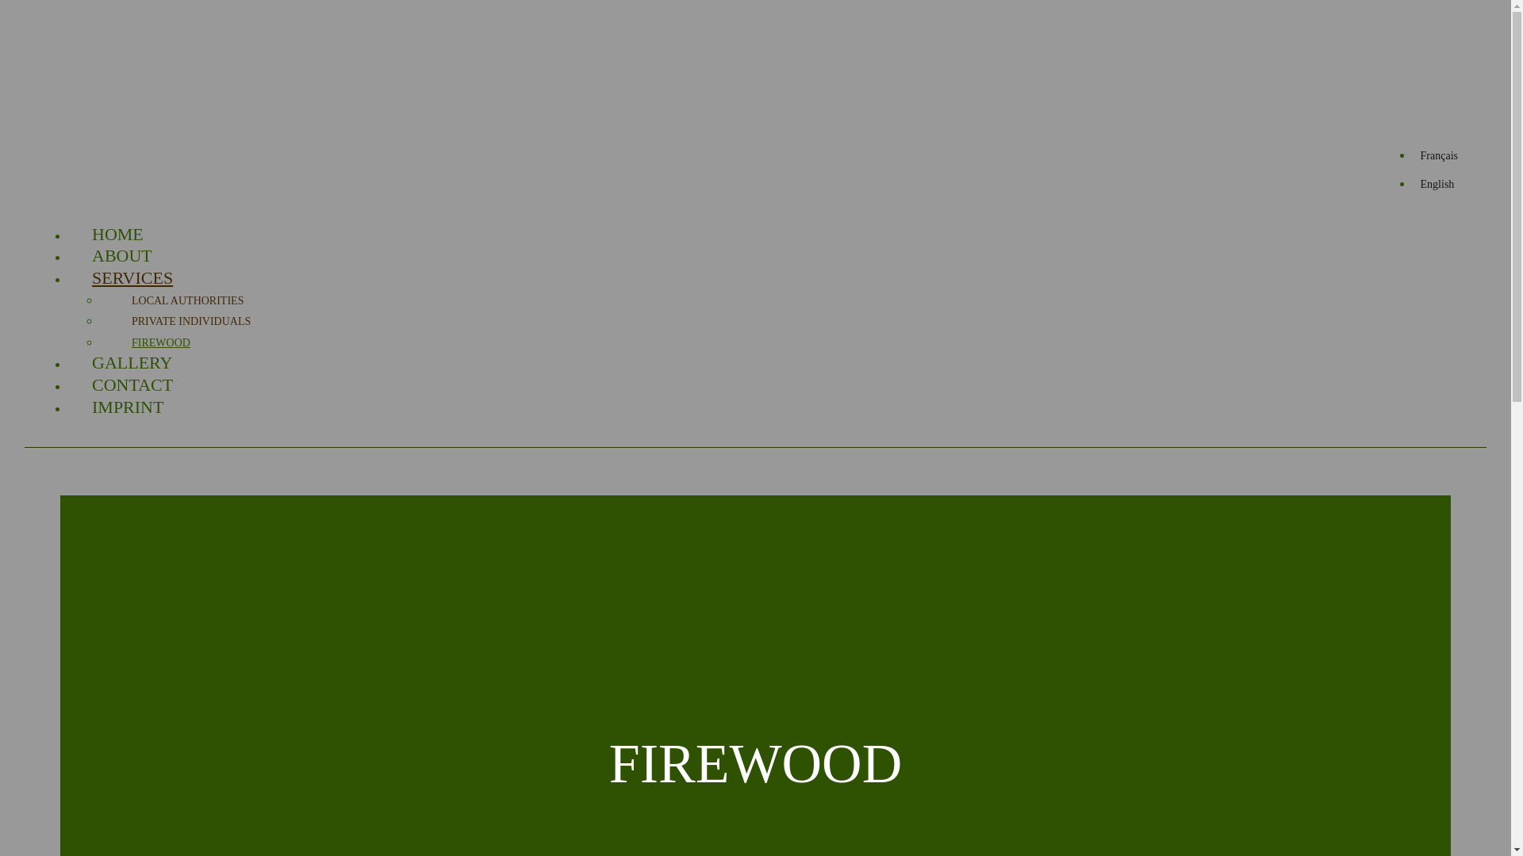  Describe the element at coordinates (1437, 183) in the screenshot. I see `'English'` at that location.